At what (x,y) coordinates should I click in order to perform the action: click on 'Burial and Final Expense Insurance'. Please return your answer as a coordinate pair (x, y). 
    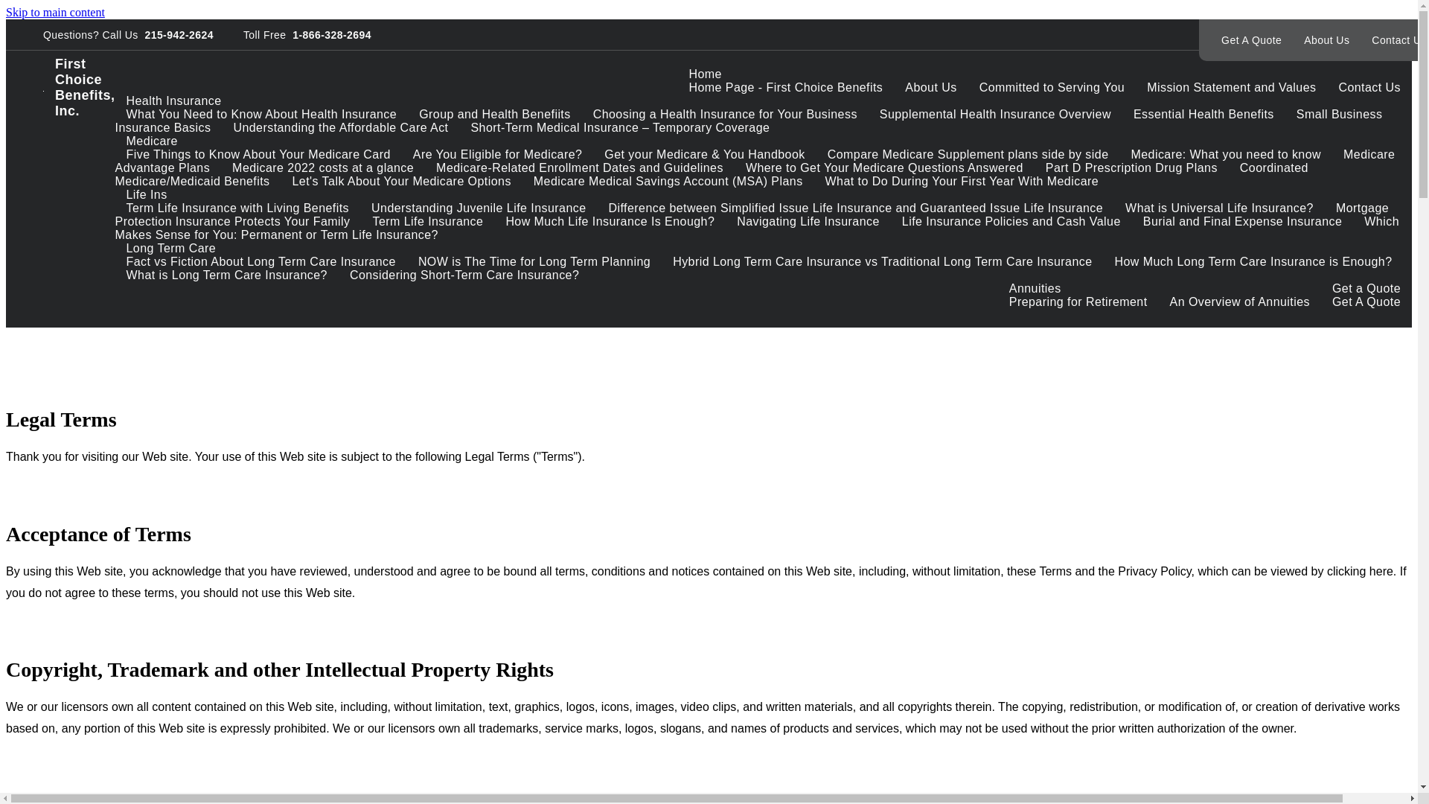
    Looking at the image, I should click on (1243, 221).